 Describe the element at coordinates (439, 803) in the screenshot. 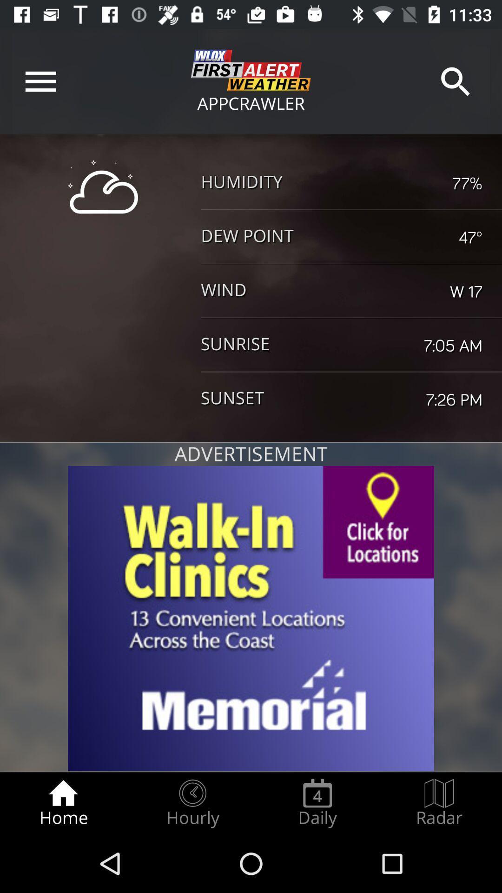

I see `the radar radio button` at that location.